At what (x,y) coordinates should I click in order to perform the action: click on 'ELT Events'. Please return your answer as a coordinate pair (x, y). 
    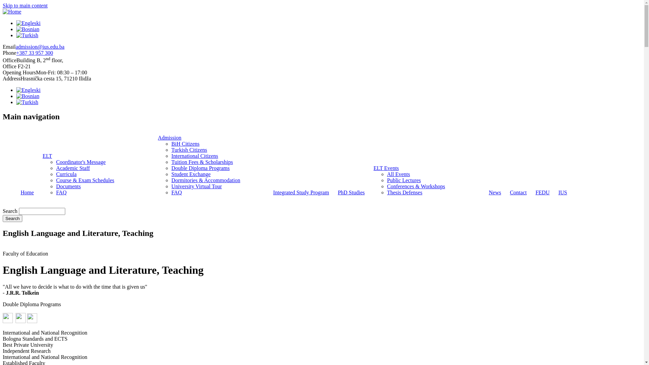
    Looking at the image, I should click on (373, 168).